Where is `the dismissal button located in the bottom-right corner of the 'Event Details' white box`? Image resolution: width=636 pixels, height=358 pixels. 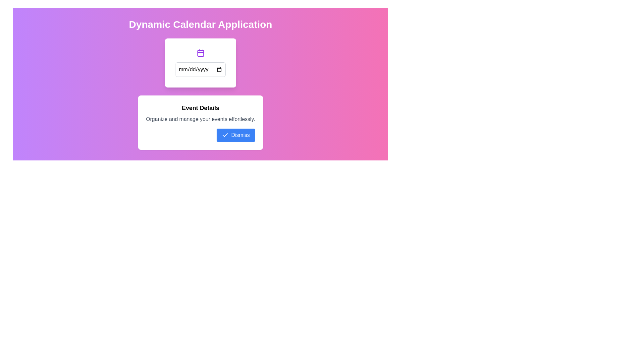 the dismissal button located in the bottom-right corner of the 'Event Details' white box is located at coordinates (236, 135).